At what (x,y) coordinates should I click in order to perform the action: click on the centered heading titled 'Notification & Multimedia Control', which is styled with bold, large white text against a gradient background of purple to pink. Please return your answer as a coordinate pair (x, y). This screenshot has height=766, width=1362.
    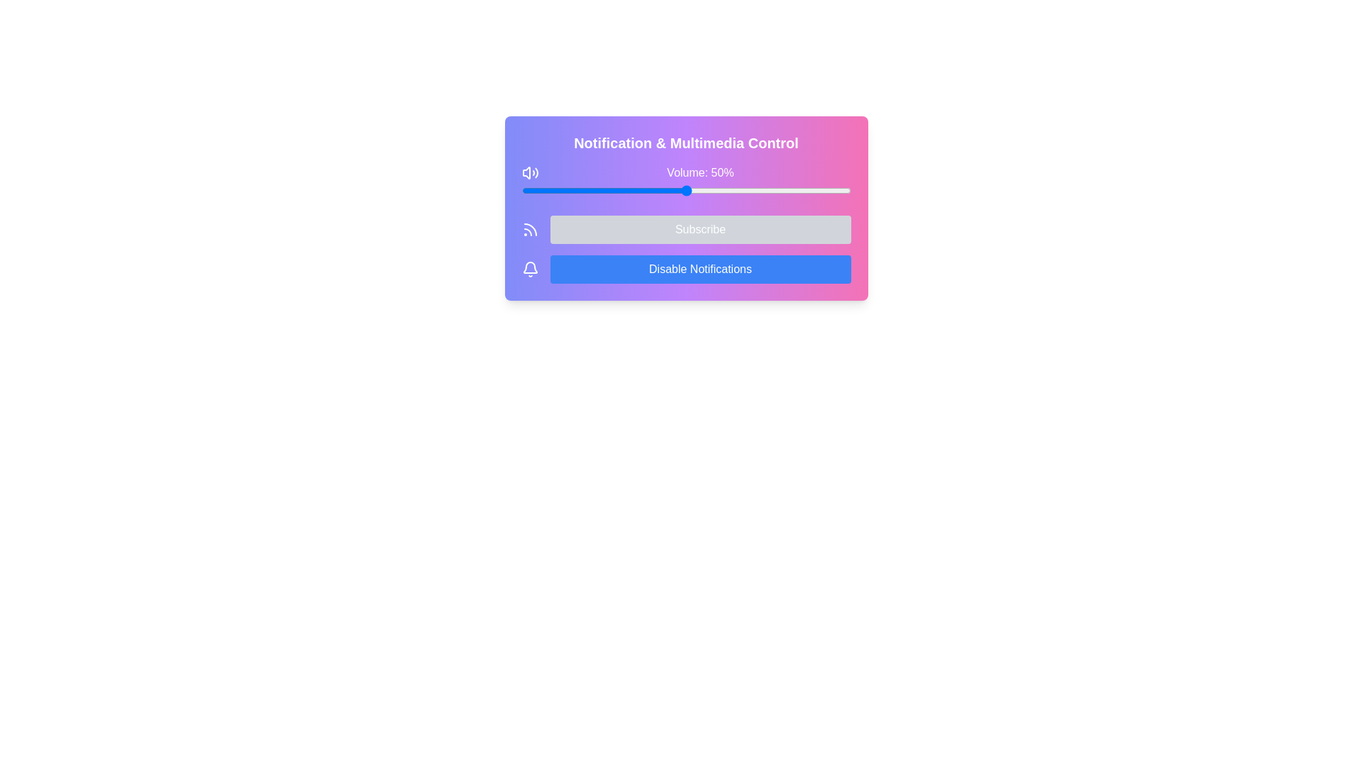
    Looking at the image, I should click on (686, 143).